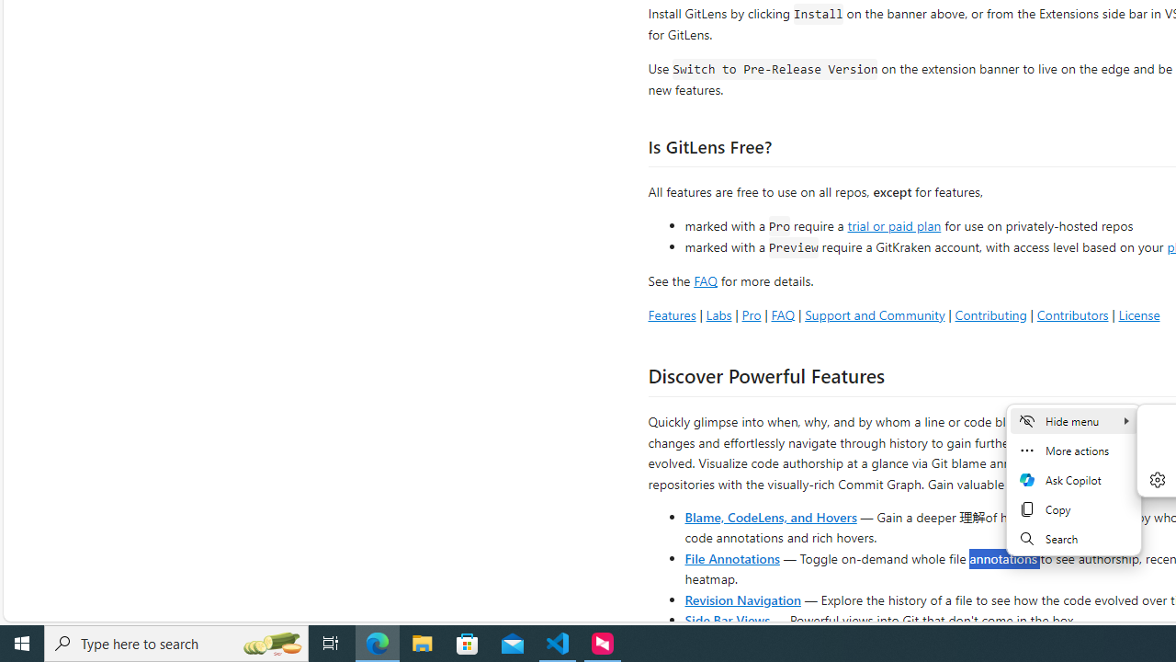 The image size is (1176, 662). I want to click on 'trial or paid plan', so click(894, 223).